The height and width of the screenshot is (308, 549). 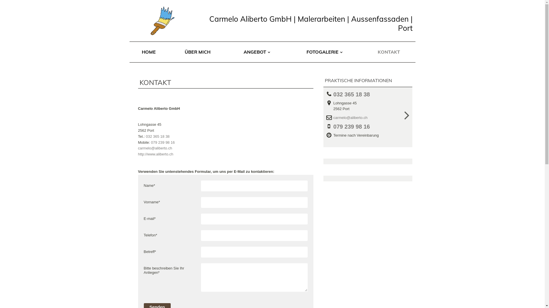 I want to click on '079 239 98 16', so click(x=353, y=126).